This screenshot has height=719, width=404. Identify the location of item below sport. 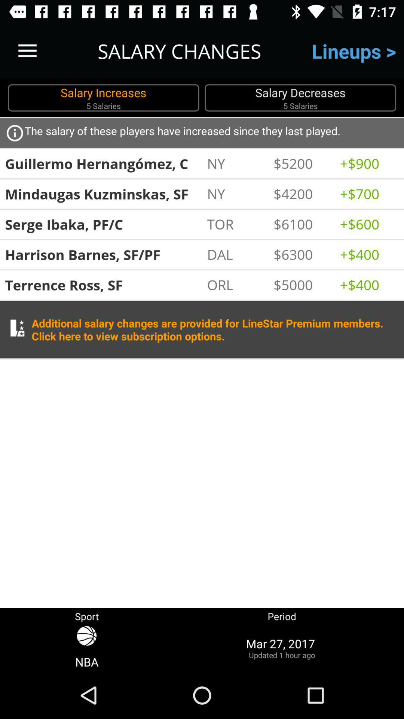
(86, 647).